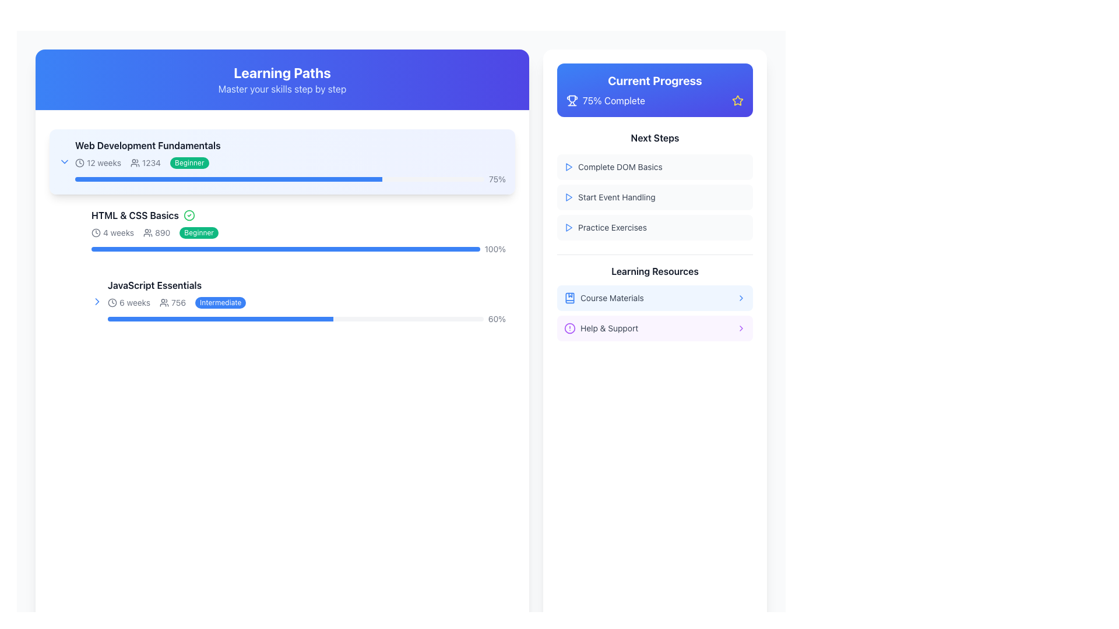  I want to click on the 'Course Materials' Text and Icon Label located in the 'Learning Resources' section under the 'Current Progress' panel, so click(604, 298).